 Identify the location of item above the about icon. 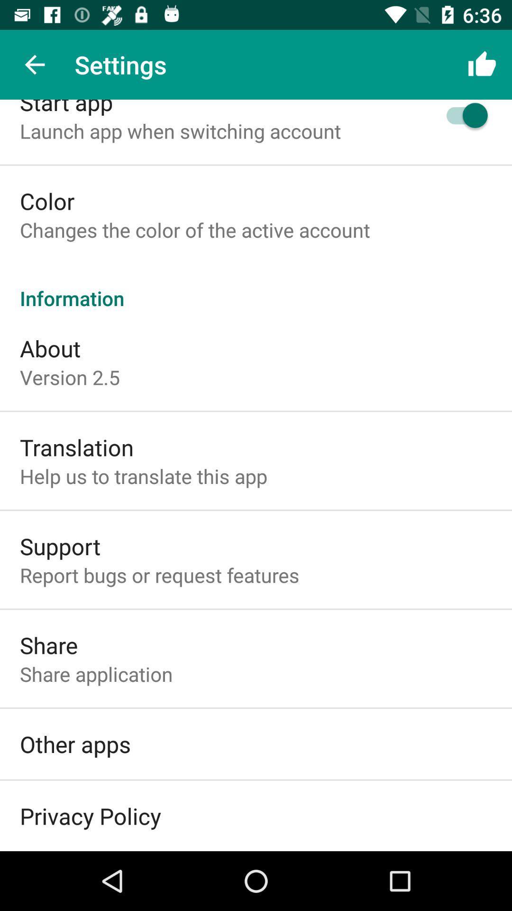
(256, 288).